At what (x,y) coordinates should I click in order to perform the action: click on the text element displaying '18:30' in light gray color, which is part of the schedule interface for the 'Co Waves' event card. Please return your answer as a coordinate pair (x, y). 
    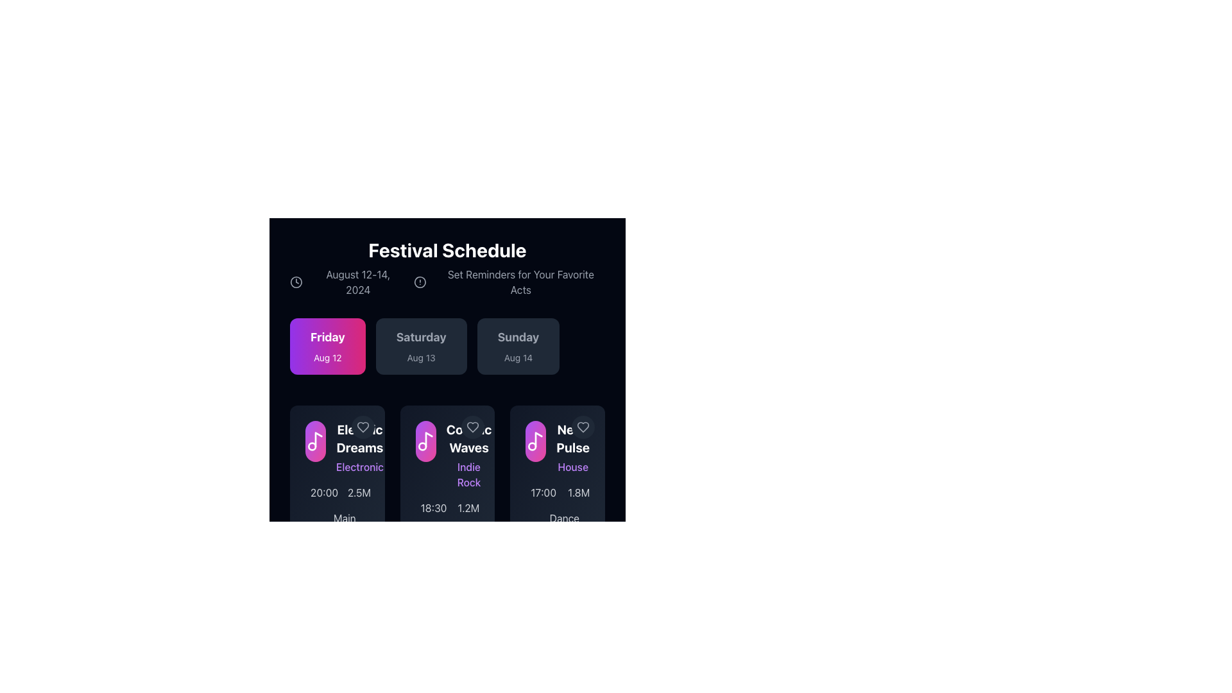
    Looking at the image, I should click on (434, 507).